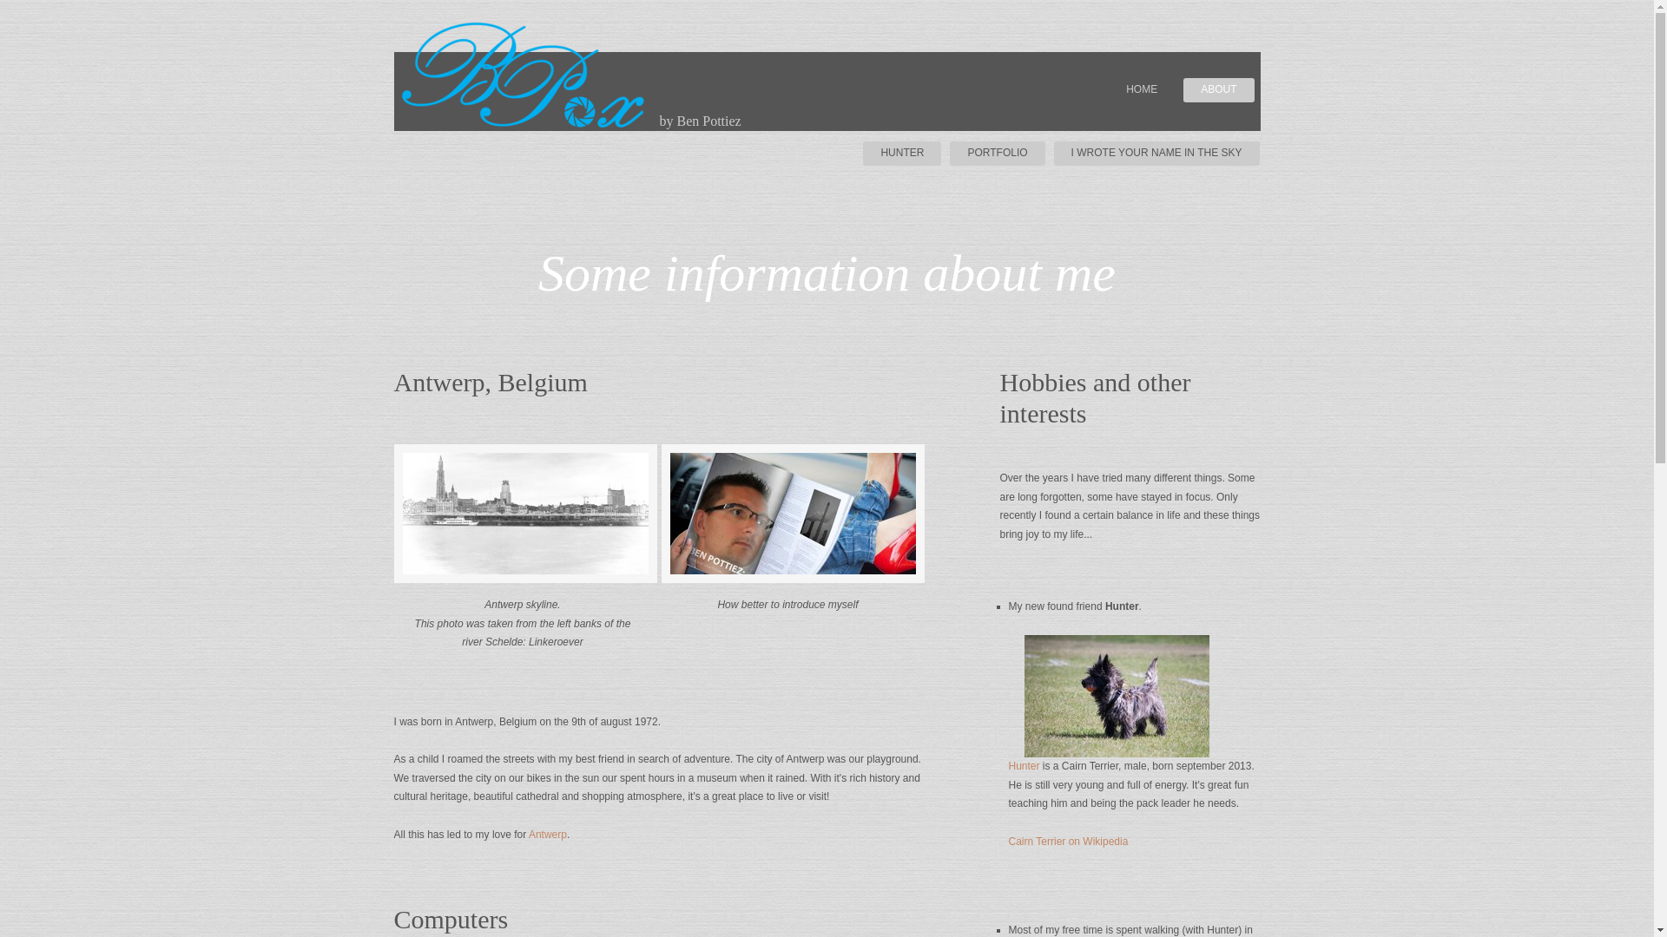 This screenshot has width=1667, height=937. What do you see at coordinates (1025, 765) in the screenshot?
I see `'Hunter'` at bounding box center [1025, 765].